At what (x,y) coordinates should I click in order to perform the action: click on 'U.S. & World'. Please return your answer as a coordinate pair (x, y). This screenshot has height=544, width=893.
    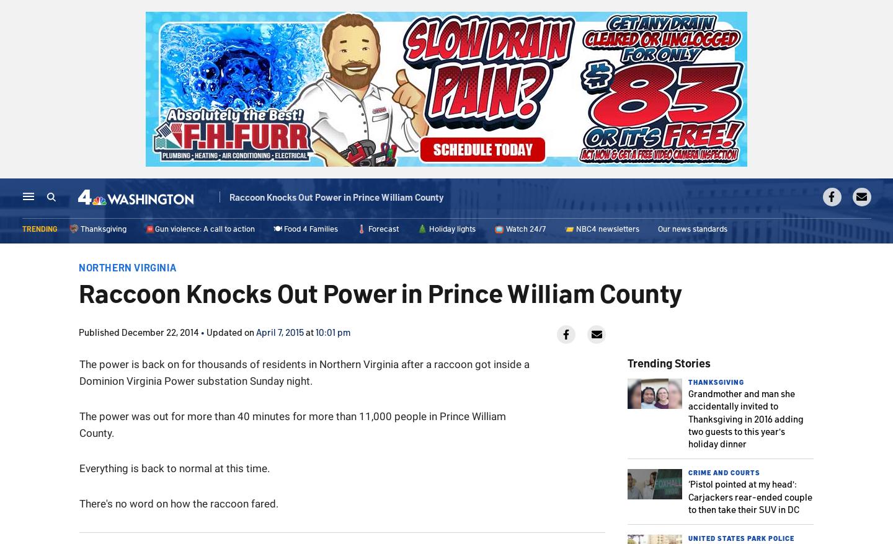
    Looking at the image, I should click on (341, 200).